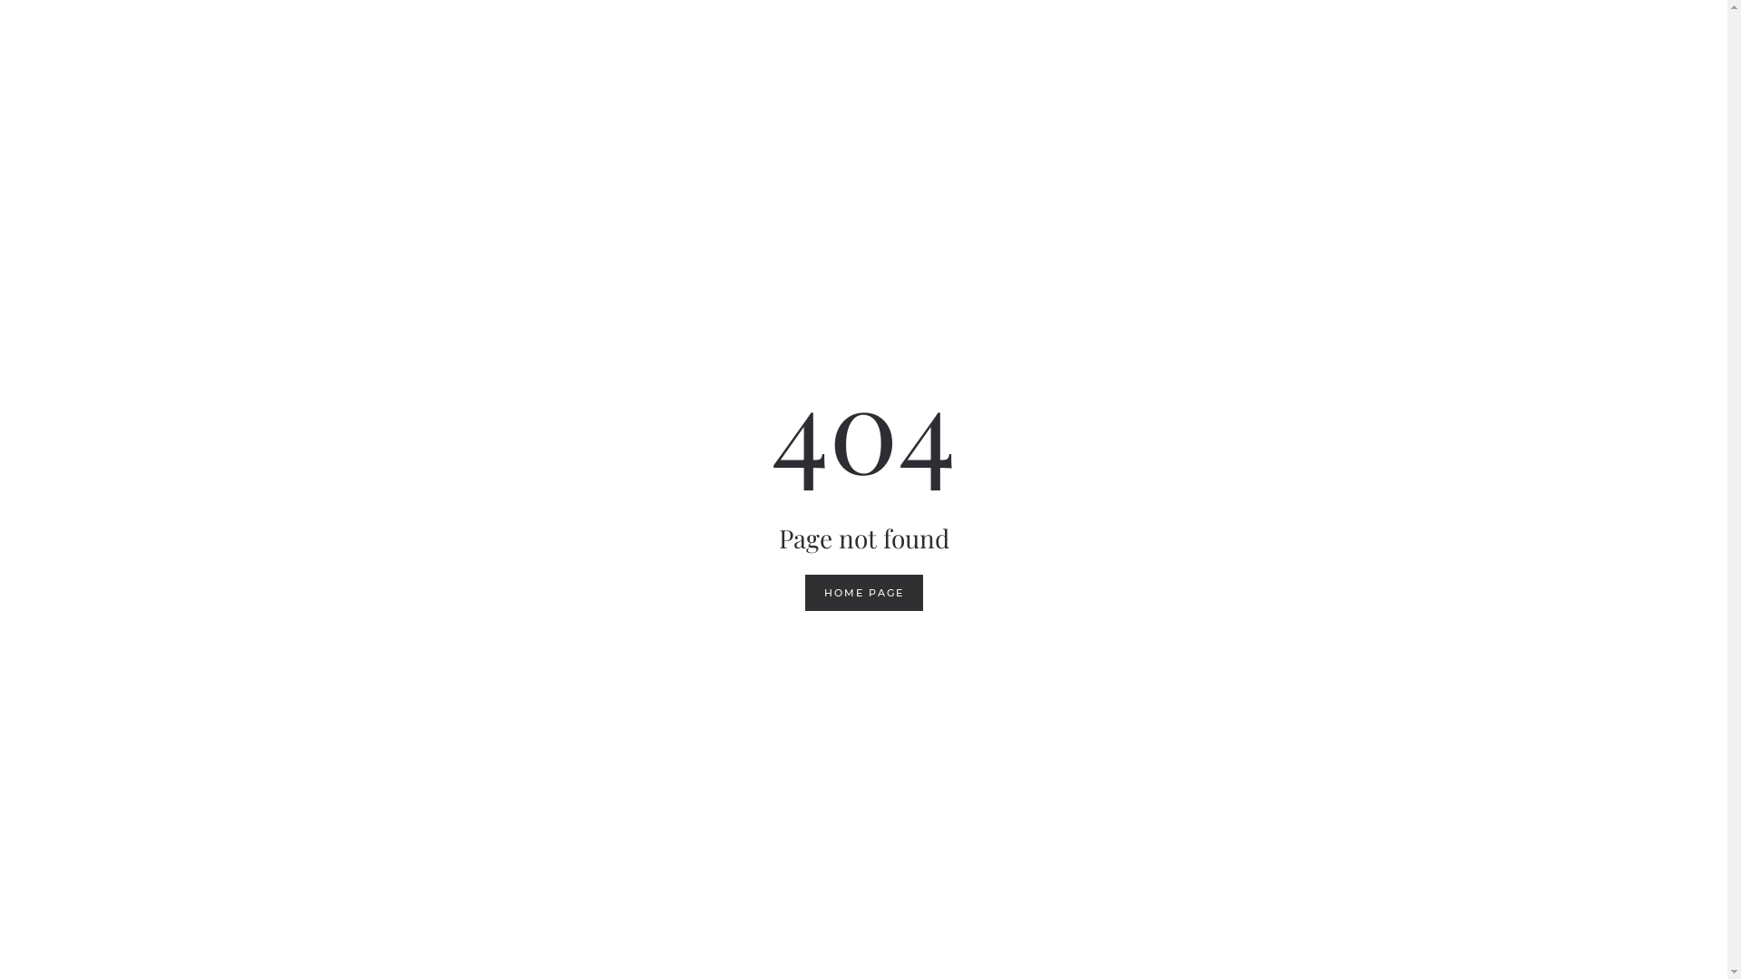  Describe the element at coordinates (863, 593) in the screenshot. I see `'HOME PAGE'` at that location.